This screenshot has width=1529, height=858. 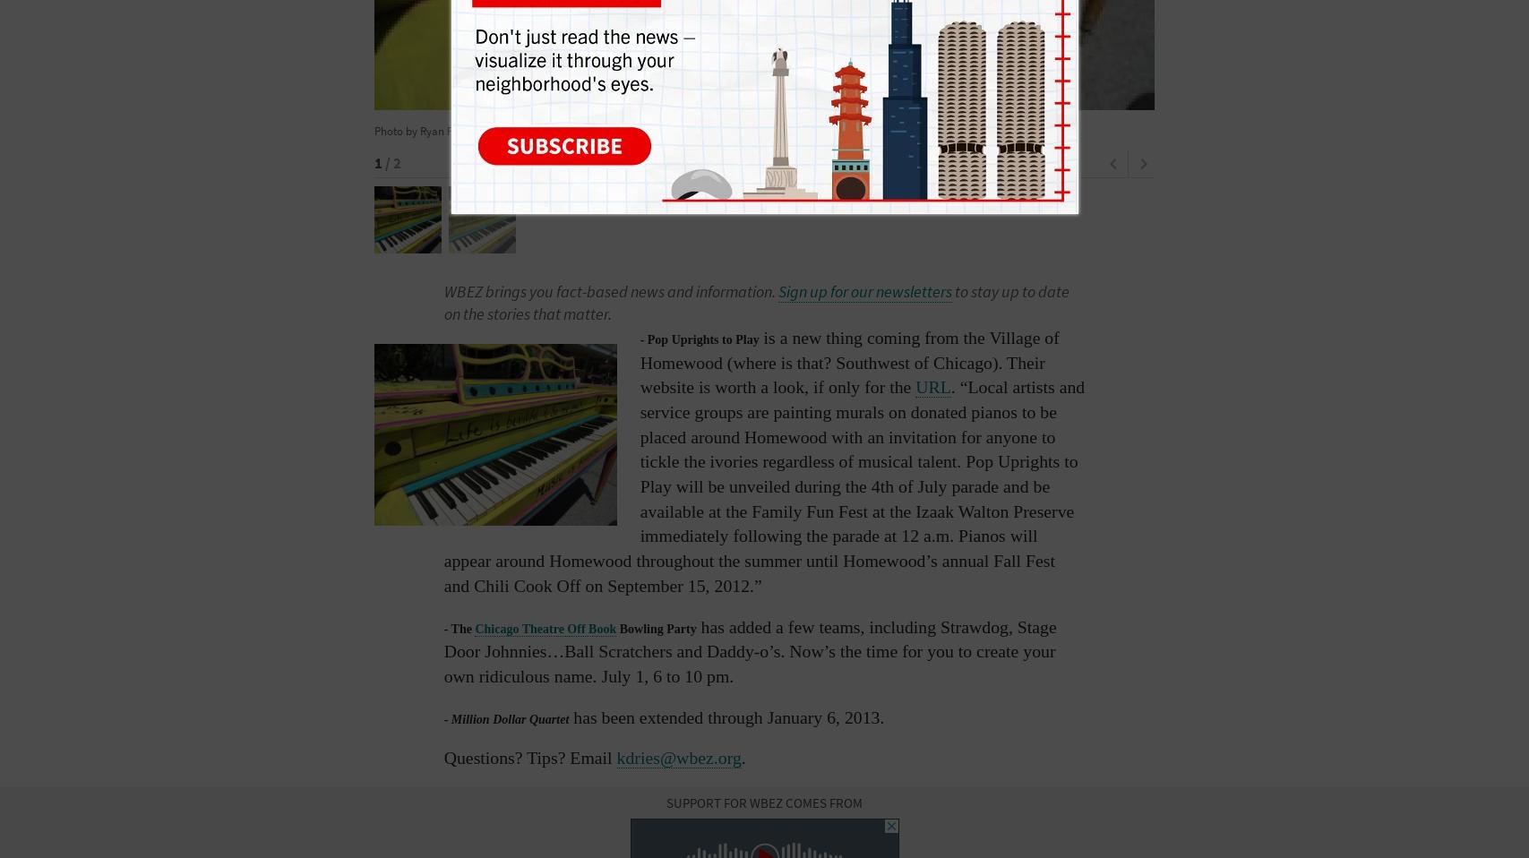 I want to click on '- Pop Uprights to Play', so click(x=640, y=338).